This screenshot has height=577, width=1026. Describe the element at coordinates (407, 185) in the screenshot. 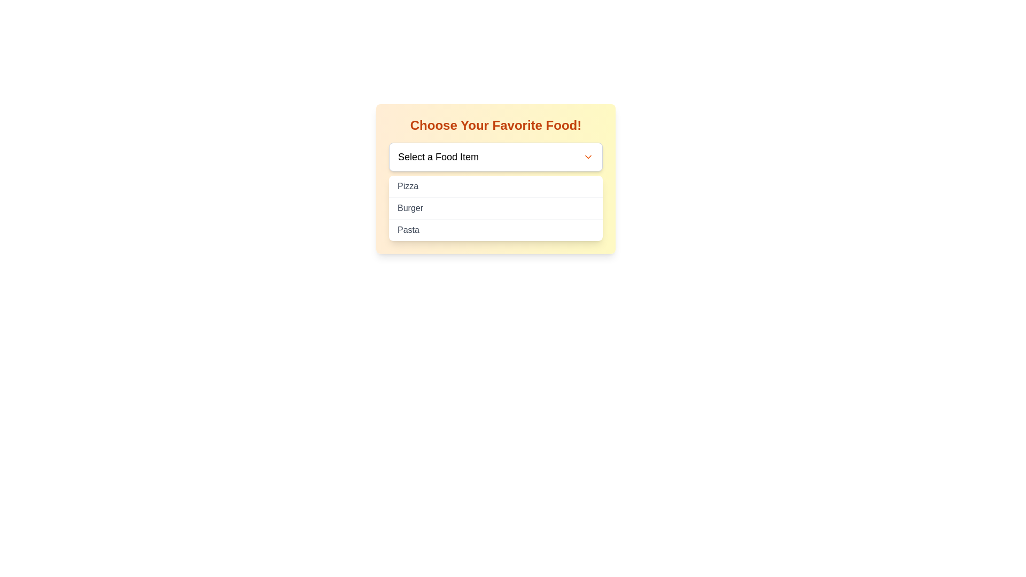

I see `to select the 'Pizza' option from the dropdown list, which is the first item above 'Burger' and 'Pasta'` at that location.